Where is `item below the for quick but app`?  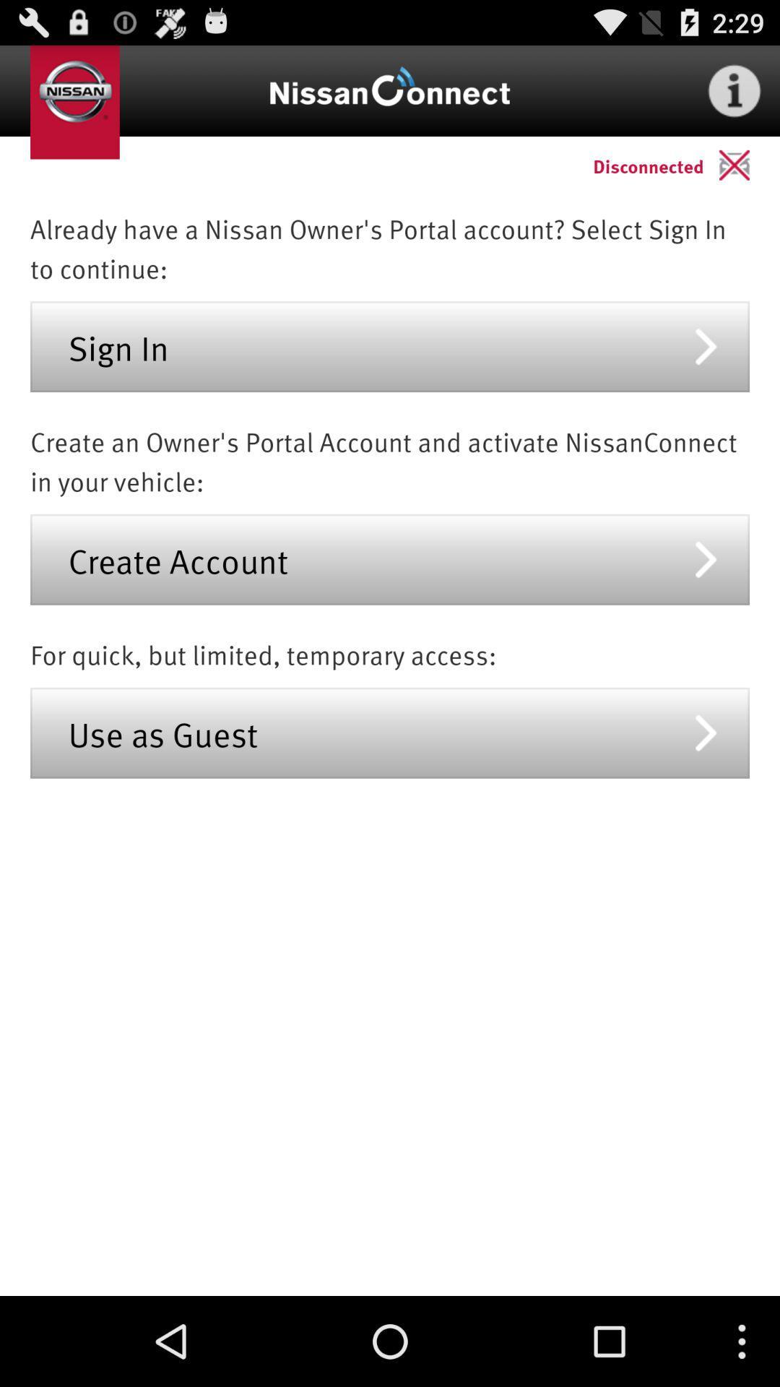 item below the for quick but app is located at coordinates (390, 733).